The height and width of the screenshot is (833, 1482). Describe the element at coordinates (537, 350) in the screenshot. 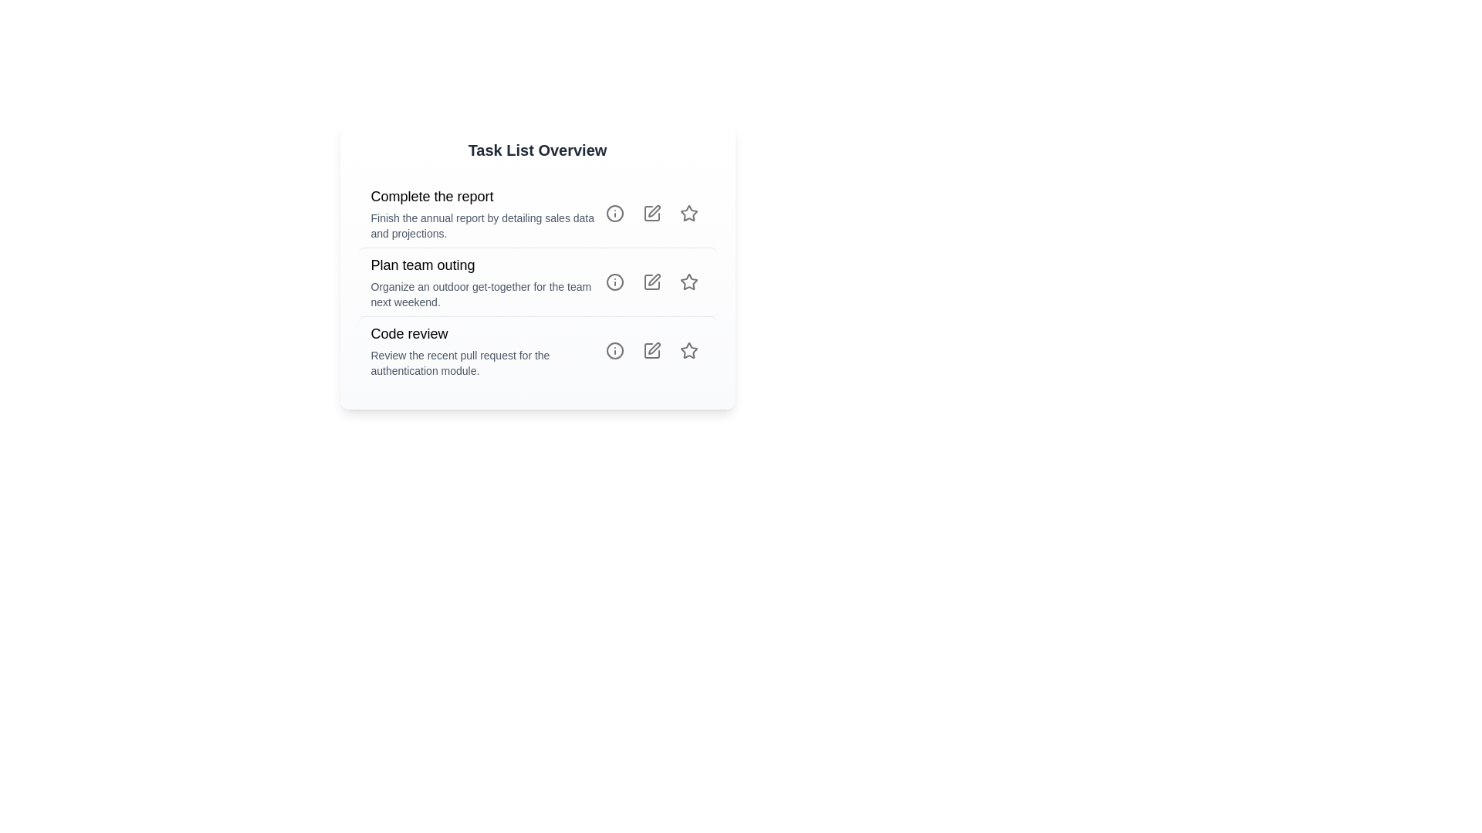

I see `the edit icon of the task item titled 'Code review'` at that location.